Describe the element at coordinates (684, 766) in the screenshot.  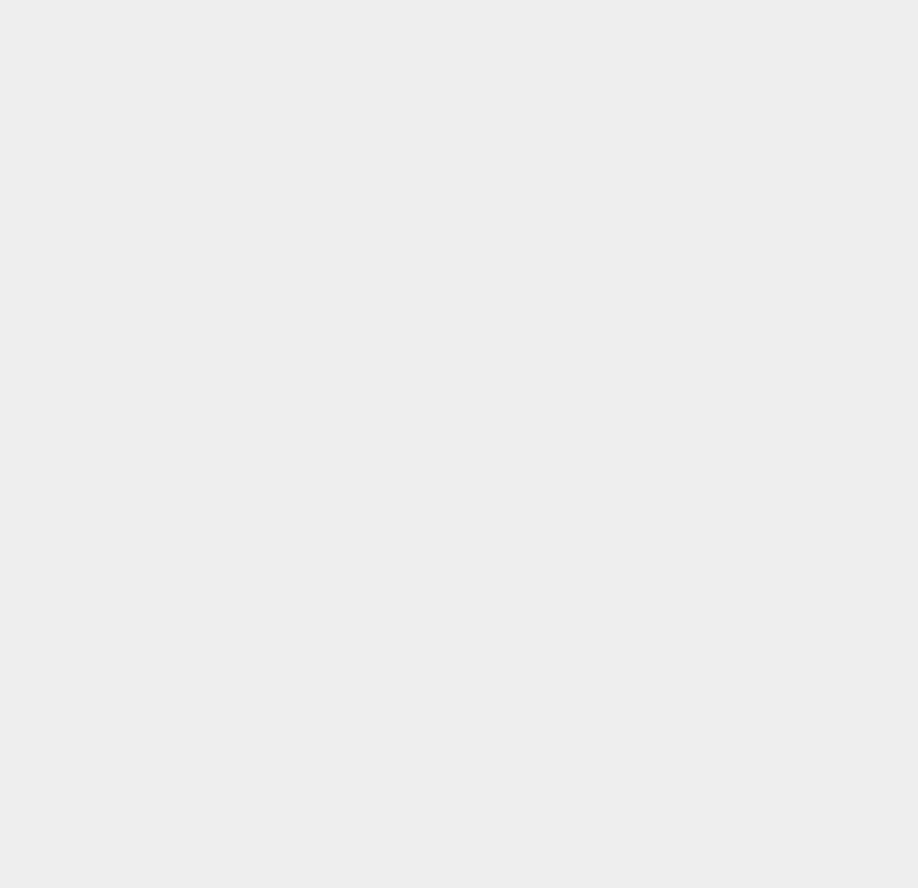
I see `'iPhone 6 Plus'` at that location.